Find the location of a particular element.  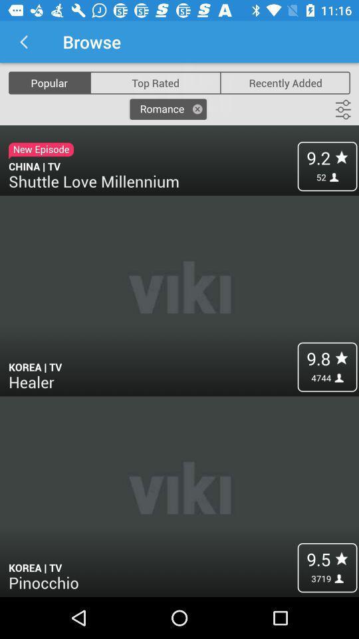

the popular is located at coordinates (49, 82).